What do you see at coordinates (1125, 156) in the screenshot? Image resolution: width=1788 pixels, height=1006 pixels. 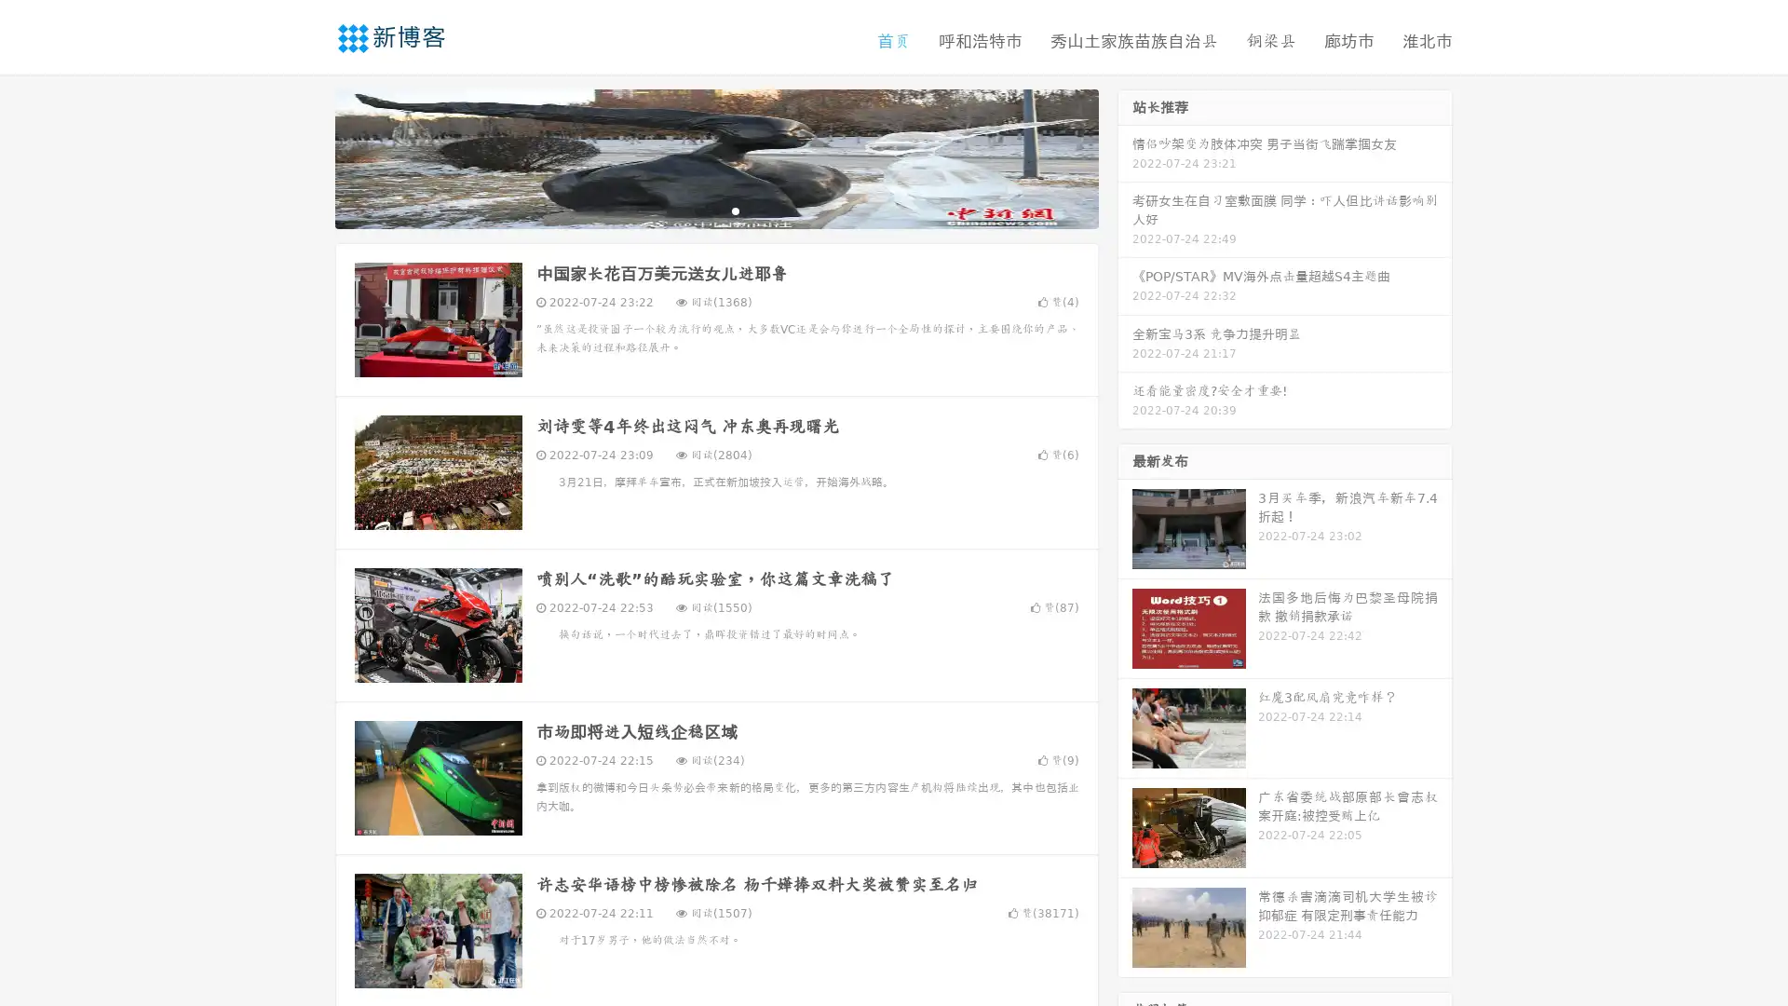 I see `Next slide` at bounding box center [1125, 156].